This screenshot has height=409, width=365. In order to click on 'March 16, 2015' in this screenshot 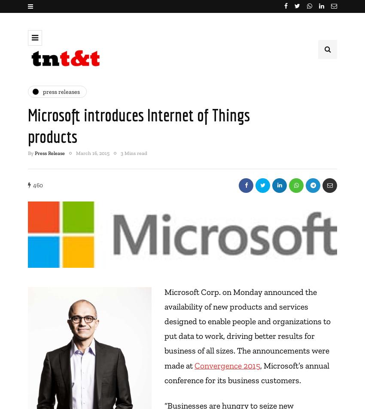, I will do `click(75, 152)`.